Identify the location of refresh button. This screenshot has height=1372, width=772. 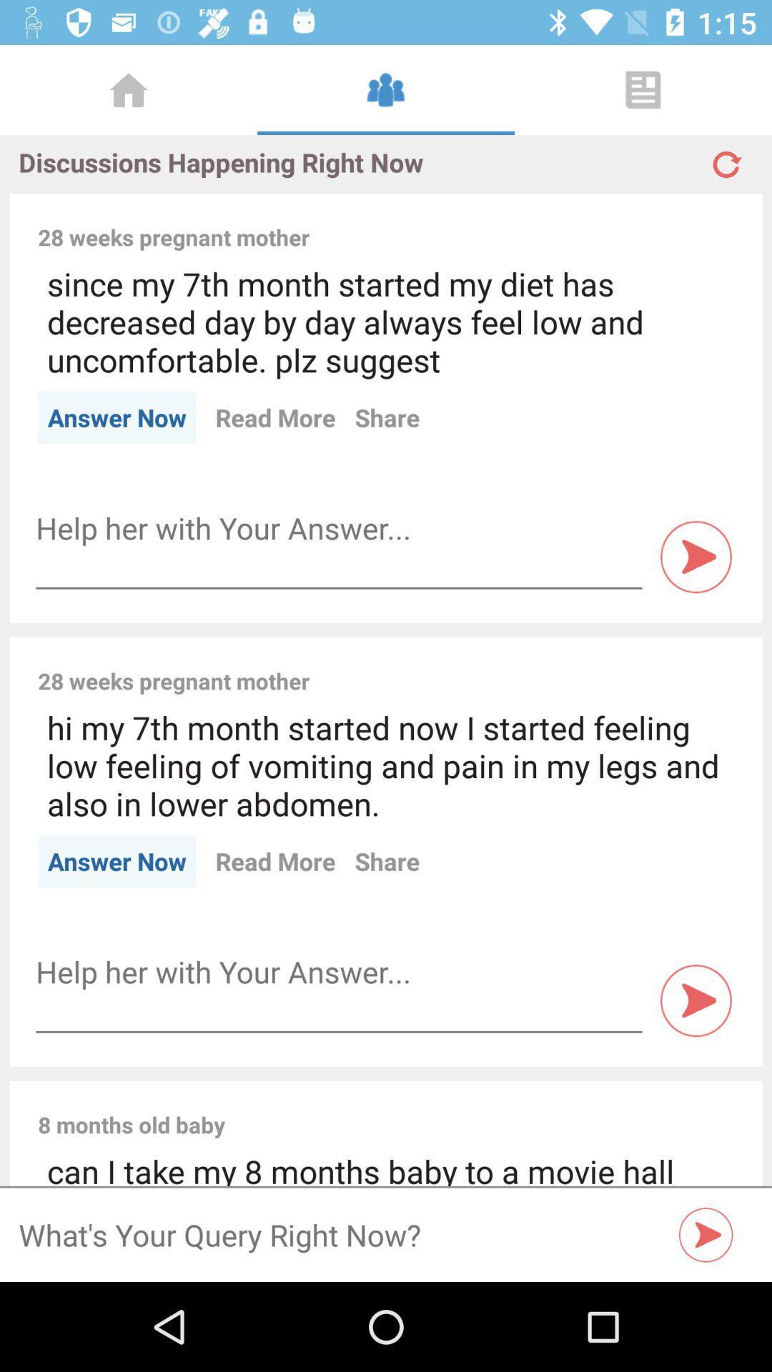
(725, 158).